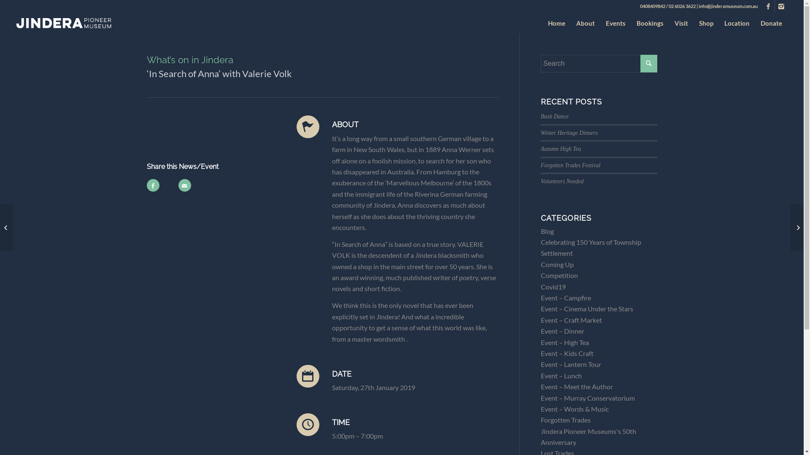  Describe the element at coordinates (728, 6) in the screenshot. I see `'info@jinderamuseum.com.au'` at that location.